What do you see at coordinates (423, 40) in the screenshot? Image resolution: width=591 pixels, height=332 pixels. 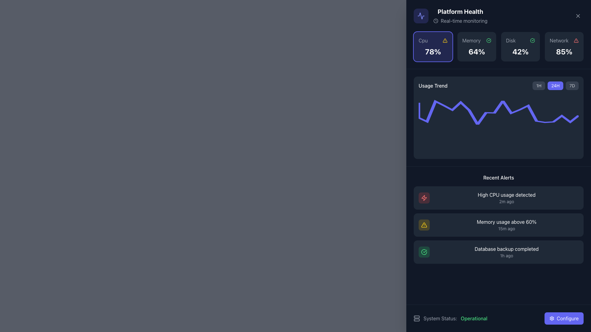 I see `text label displaying 'CPU' located under the heading 'Platform Health' in a card-like section` at bounding box center [423, 40].